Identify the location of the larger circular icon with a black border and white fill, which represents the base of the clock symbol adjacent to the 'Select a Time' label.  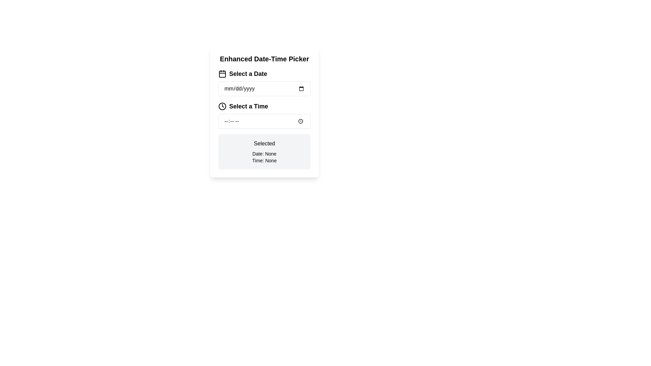
(222, 106).